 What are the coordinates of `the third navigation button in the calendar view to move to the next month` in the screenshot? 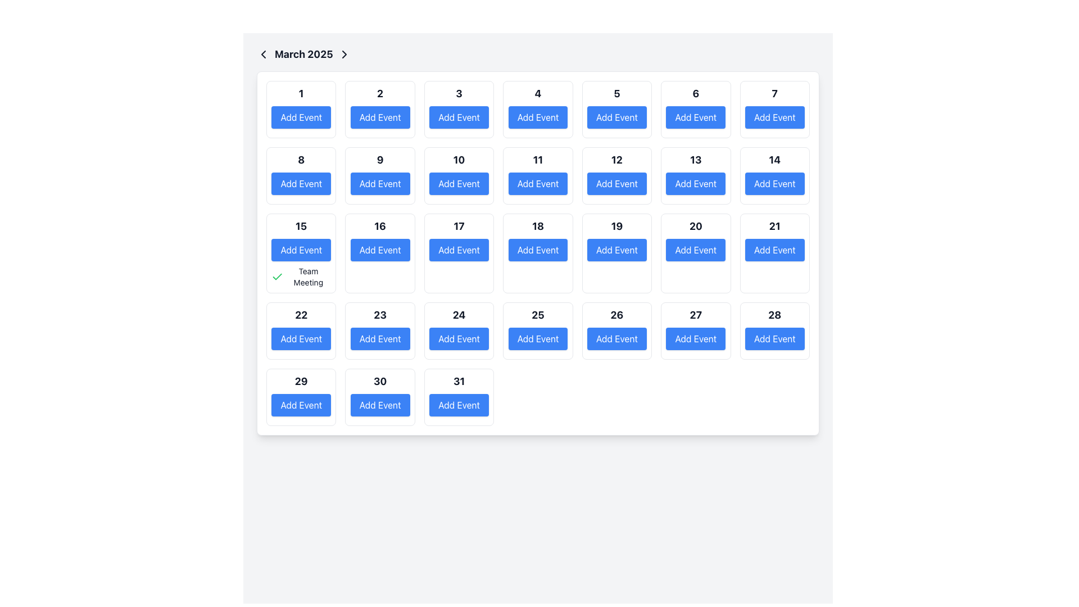 It's located at (343, 54).